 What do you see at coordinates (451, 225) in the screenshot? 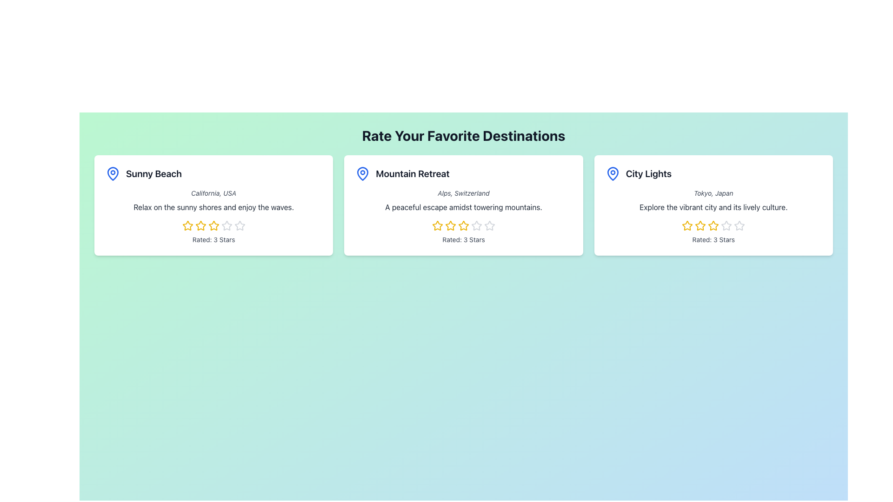
I see `the third outlined star icon with a yellow border and a white fill located under the title 'Mountain Retreat' to rate it` at bounding box center [451, 225].